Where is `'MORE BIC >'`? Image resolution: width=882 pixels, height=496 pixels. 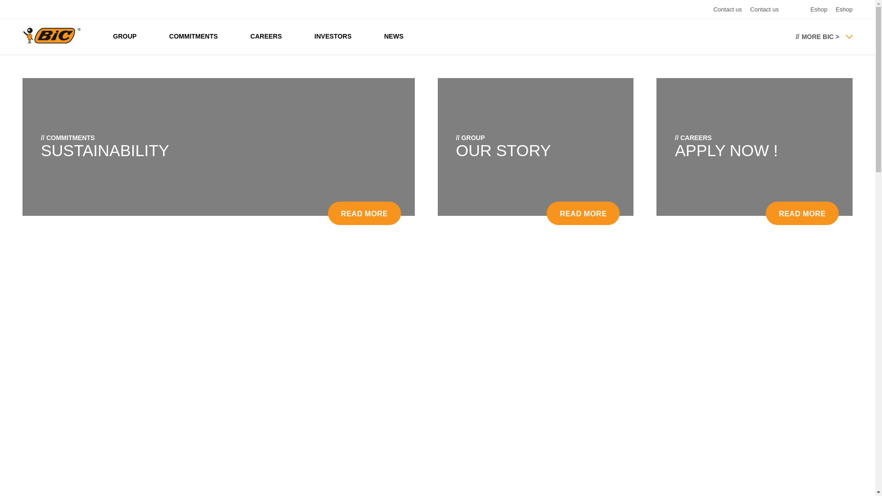
'MORE BIC >' is located at coordinates (795, 36).